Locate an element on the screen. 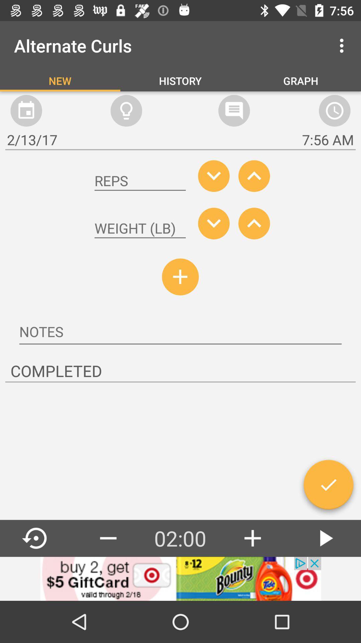 The image size is (361, 643). banner advertisement is located at coordinates (180, 578).